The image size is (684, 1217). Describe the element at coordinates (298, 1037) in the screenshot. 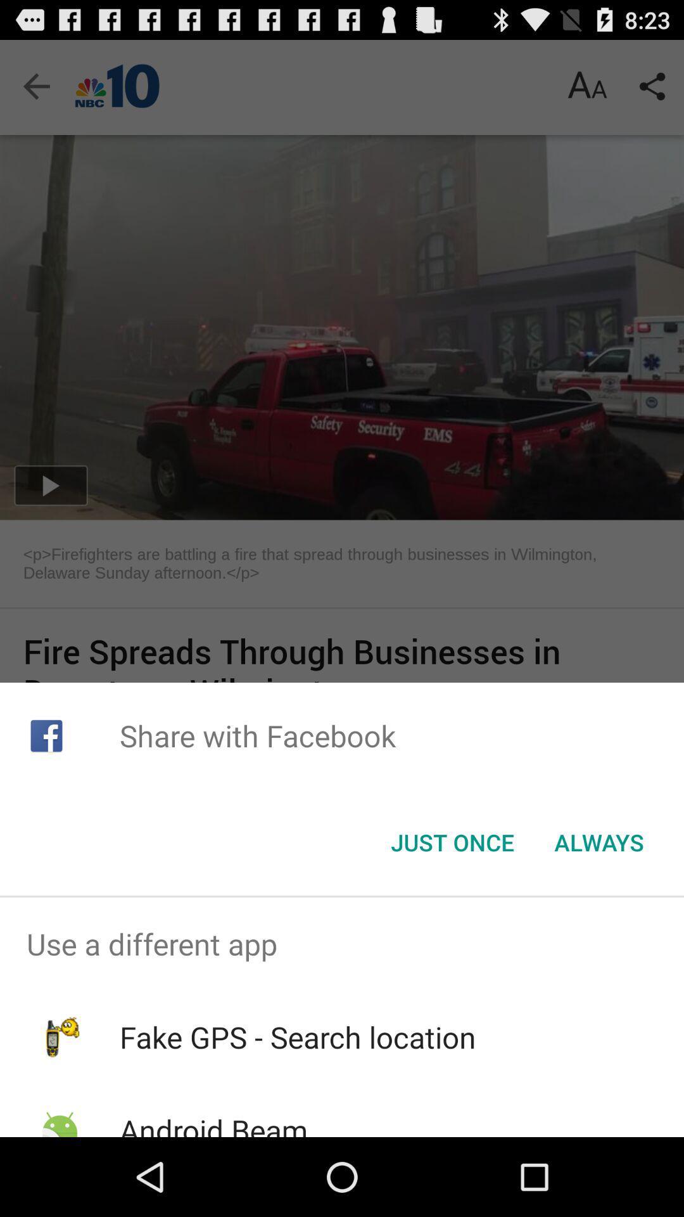

I see `icon below use a different item` at that location.